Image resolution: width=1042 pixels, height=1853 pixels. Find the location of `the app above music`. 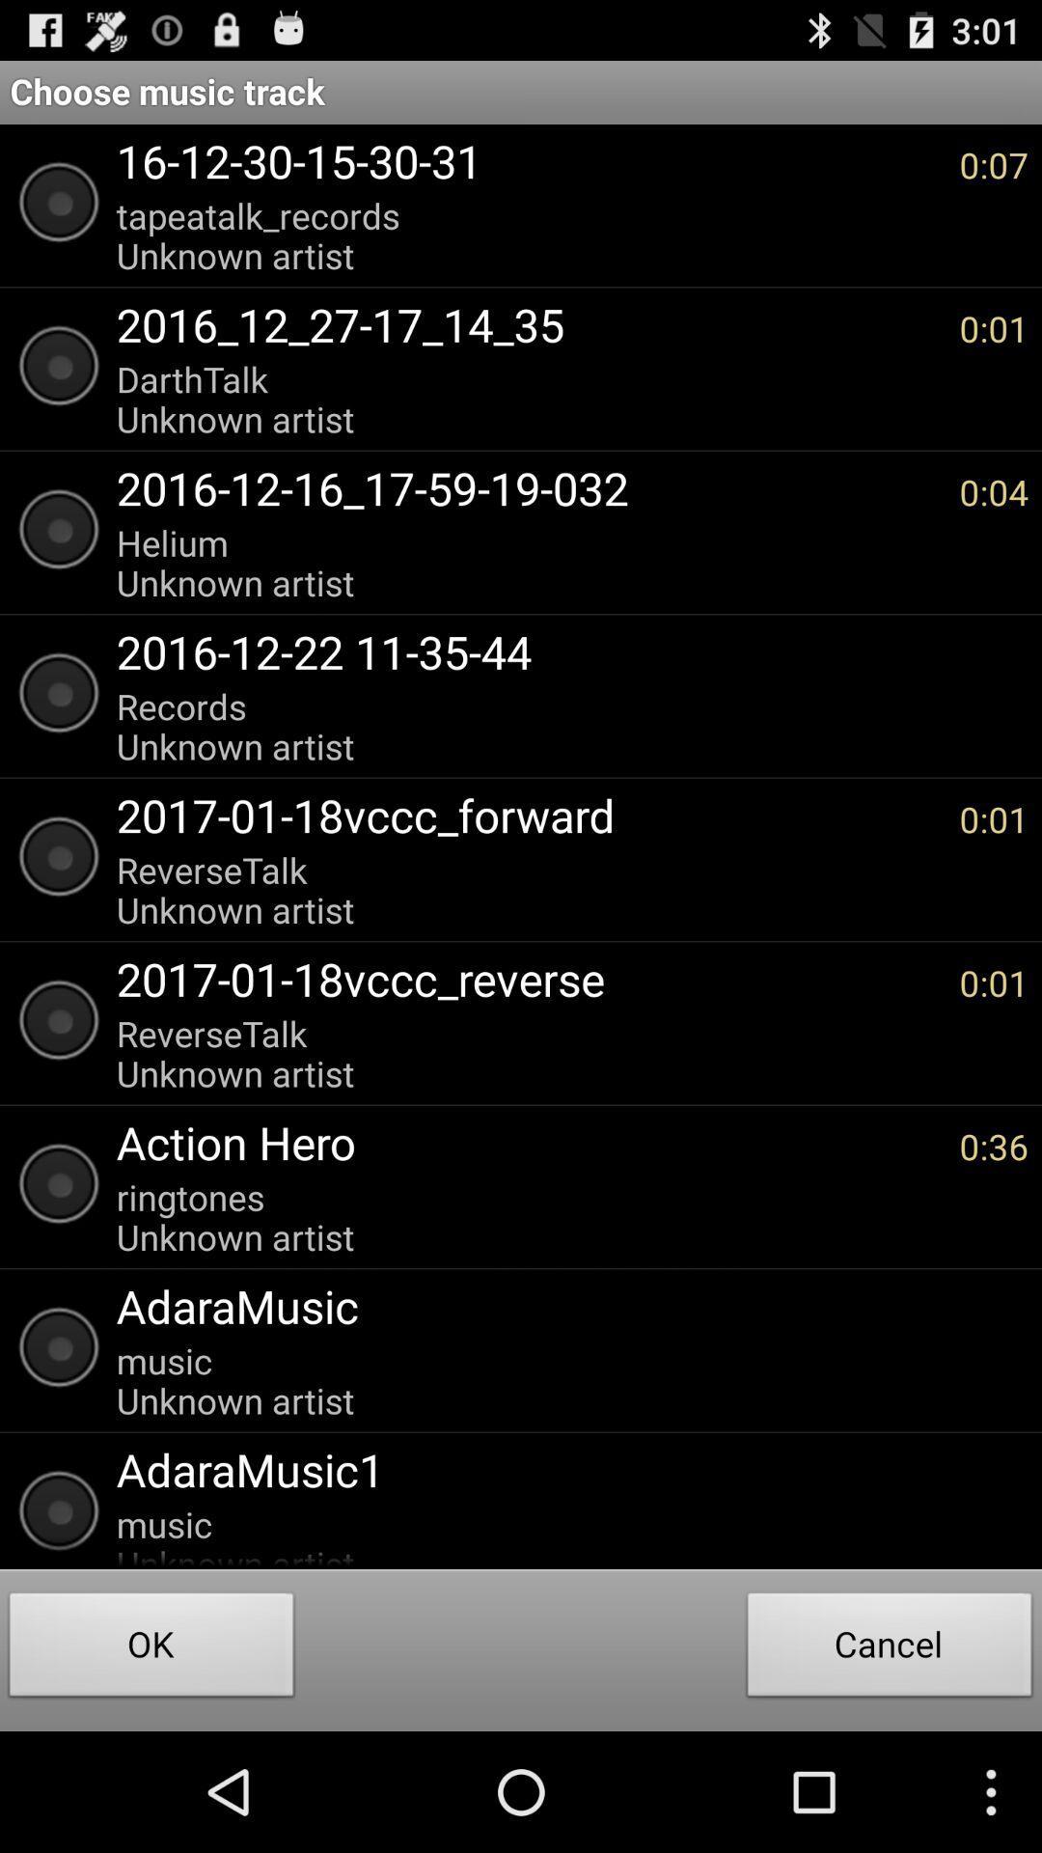

the app above music is located at coordinates (562, 1306).